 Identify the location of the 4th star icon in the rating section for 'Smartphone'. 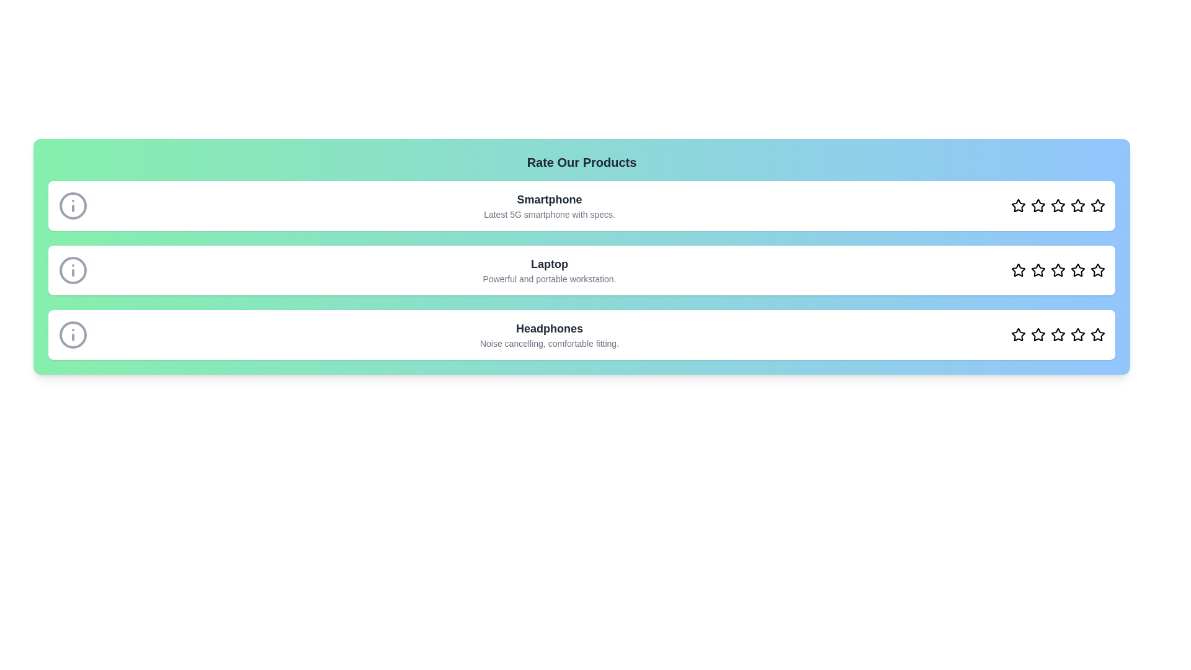
(1077, 205).